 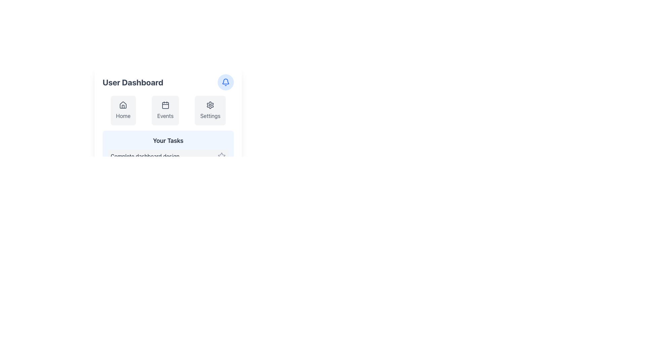 I want to click on the 'Events' section of the Navigation bar, so click(x=168, y=110).